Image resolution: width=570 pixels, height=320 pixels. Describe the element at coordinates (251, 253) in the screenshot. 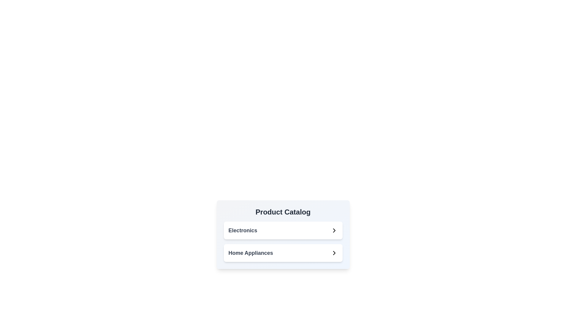

I see `the 'Home Appliances' category label, which is the second item in a vertical list within the product catalog layout` at that location.